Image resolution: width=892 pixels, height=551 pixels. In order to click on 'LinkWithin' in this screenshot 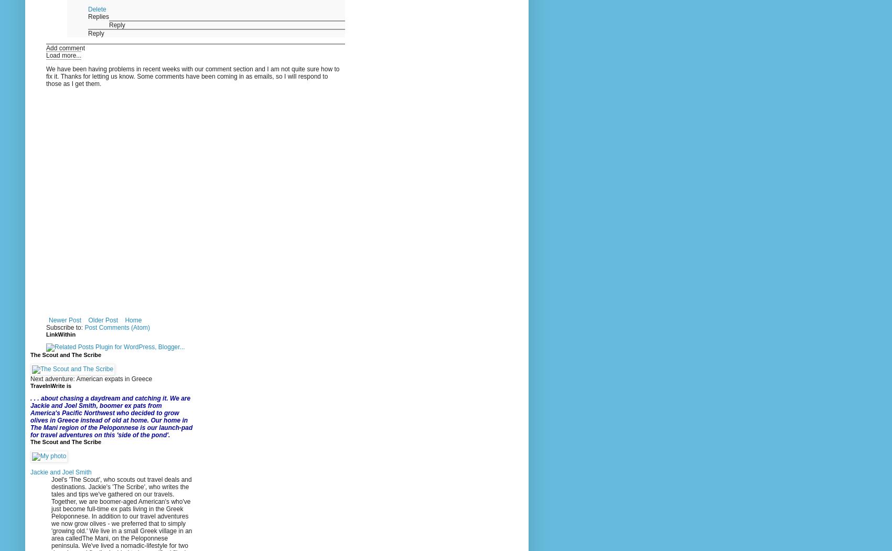, I will do `click(61, 333)`.